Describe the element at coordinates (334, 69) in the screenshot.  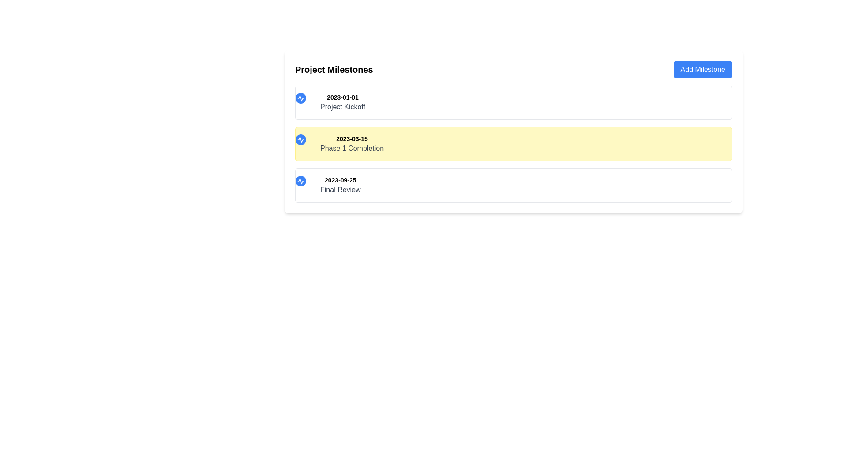
I see `bold text 'Project Milestones' located in the upper-left area of the white card-like section` at that location.